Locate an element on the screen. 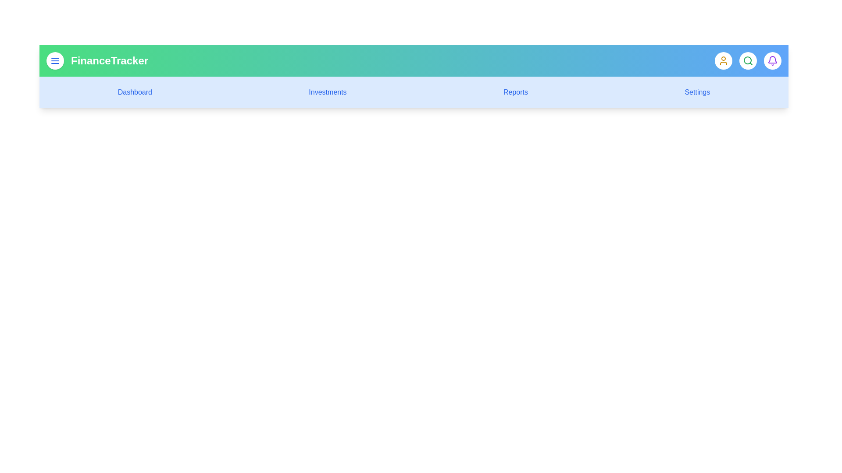 The image size is (842, 473). the bell icon to check notifications is located at coordinates (772, 60).